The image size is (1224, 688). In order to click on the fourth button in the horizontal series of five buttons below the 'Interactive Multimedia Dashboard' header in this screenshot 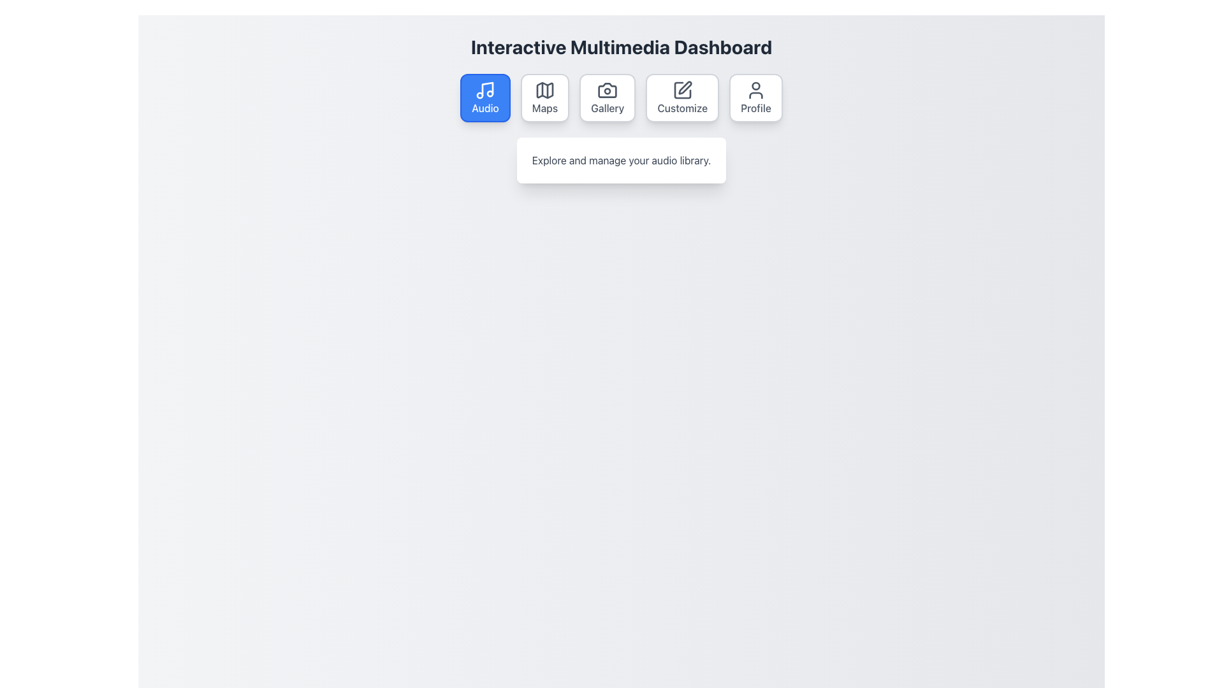, I will do `click(681, 97)`.